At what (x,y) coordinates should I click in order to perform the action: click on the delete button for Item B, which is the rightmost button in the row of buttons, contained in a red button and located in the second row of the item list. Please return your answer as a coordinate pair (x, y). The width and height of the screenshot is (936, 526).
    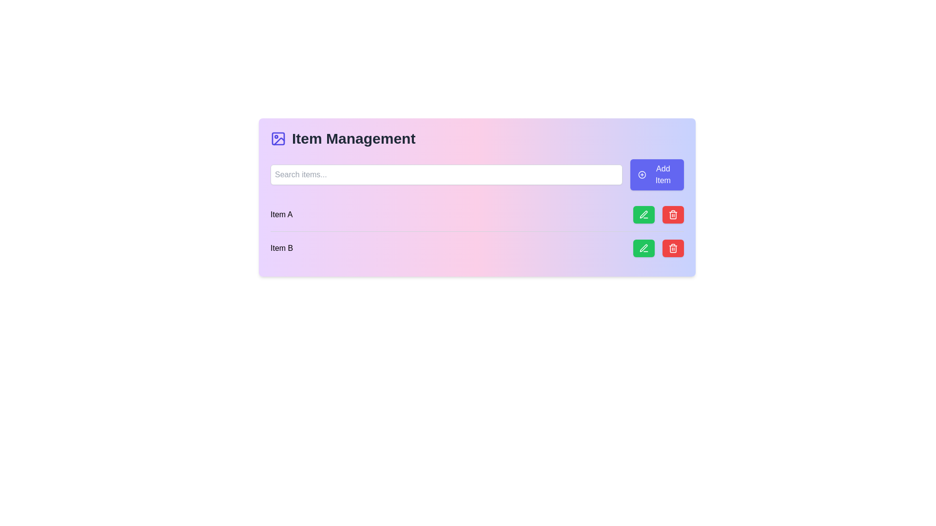
    Looking at the image, I should click on (673, 247).